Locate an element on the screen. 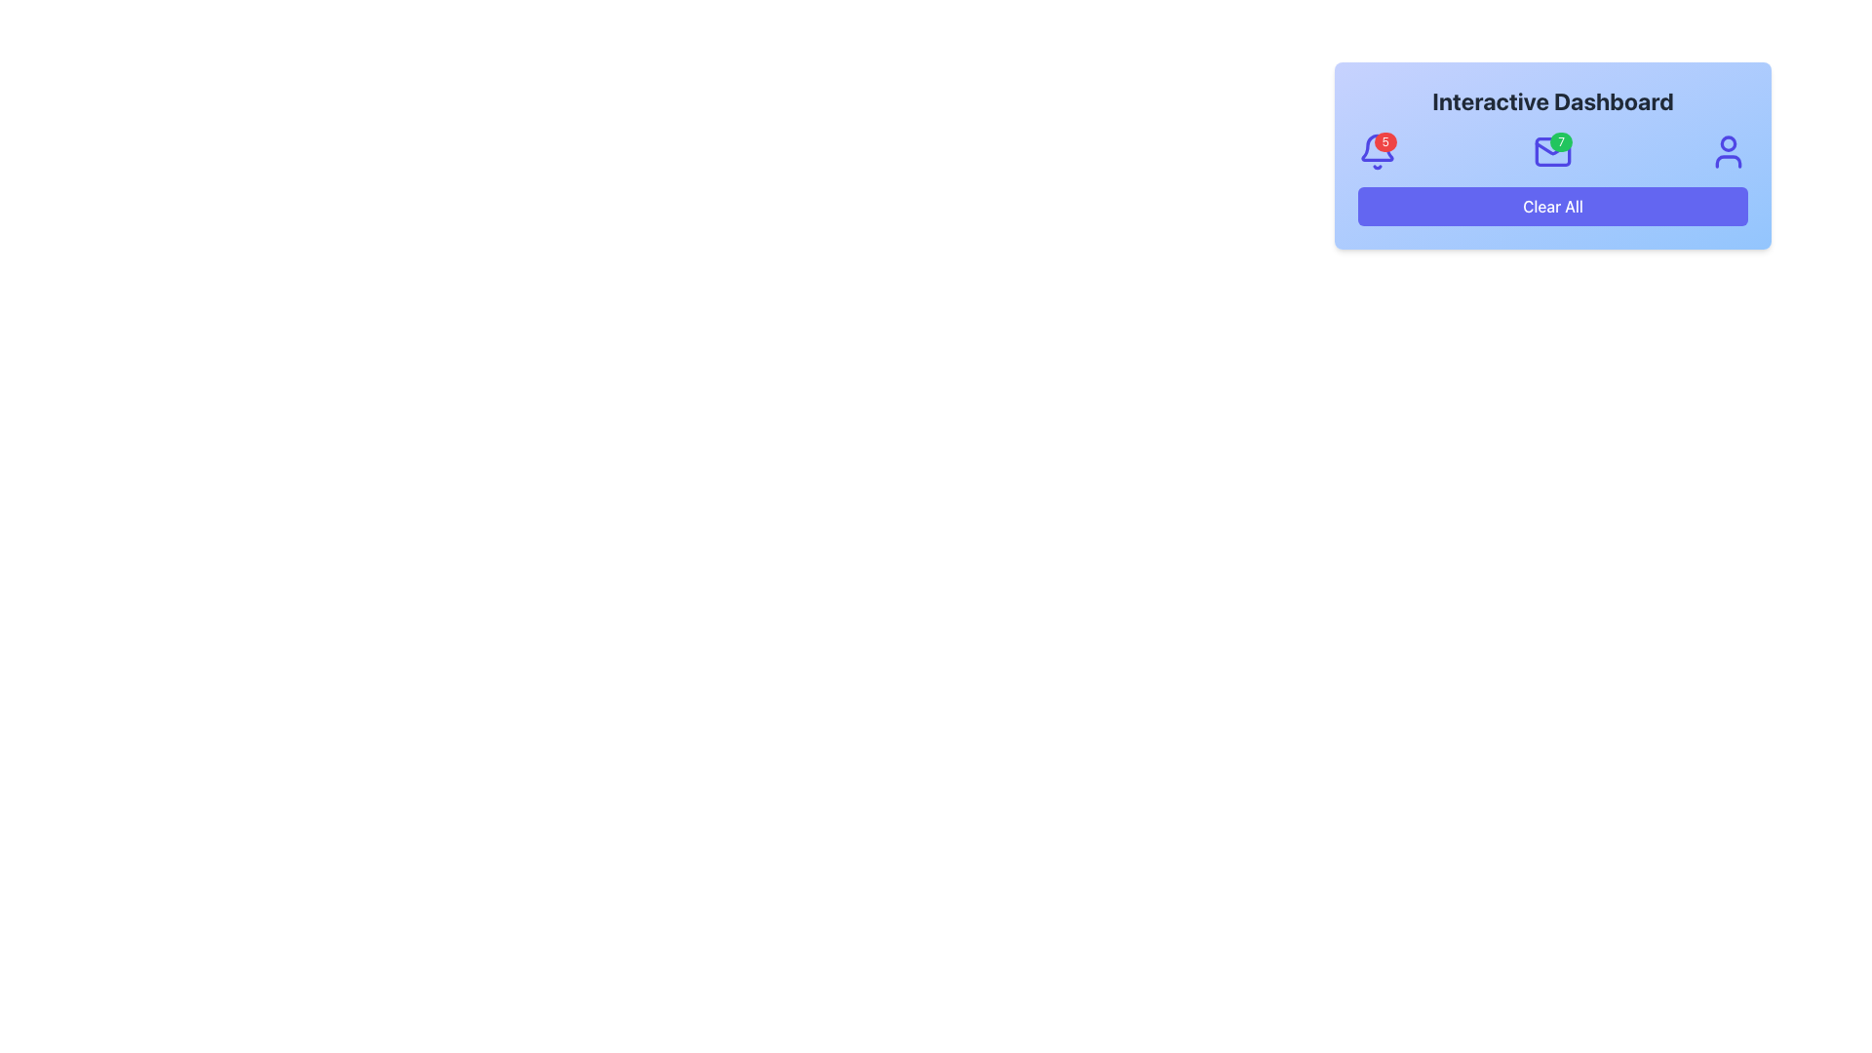 The image size is (1872, 1053). the gray bell icon located at the top left corner of the dashboard interface is located at coordinates (1376, 146).